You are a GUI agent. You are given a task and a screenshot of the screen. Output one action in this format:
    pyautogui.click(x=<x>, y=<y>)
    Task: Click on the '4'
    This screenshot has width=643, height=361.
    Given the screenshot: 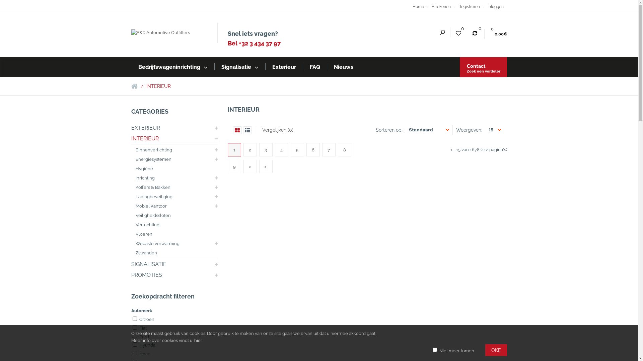 What is the action you would take?
    pyautogui.click(x=281, y=149)
    